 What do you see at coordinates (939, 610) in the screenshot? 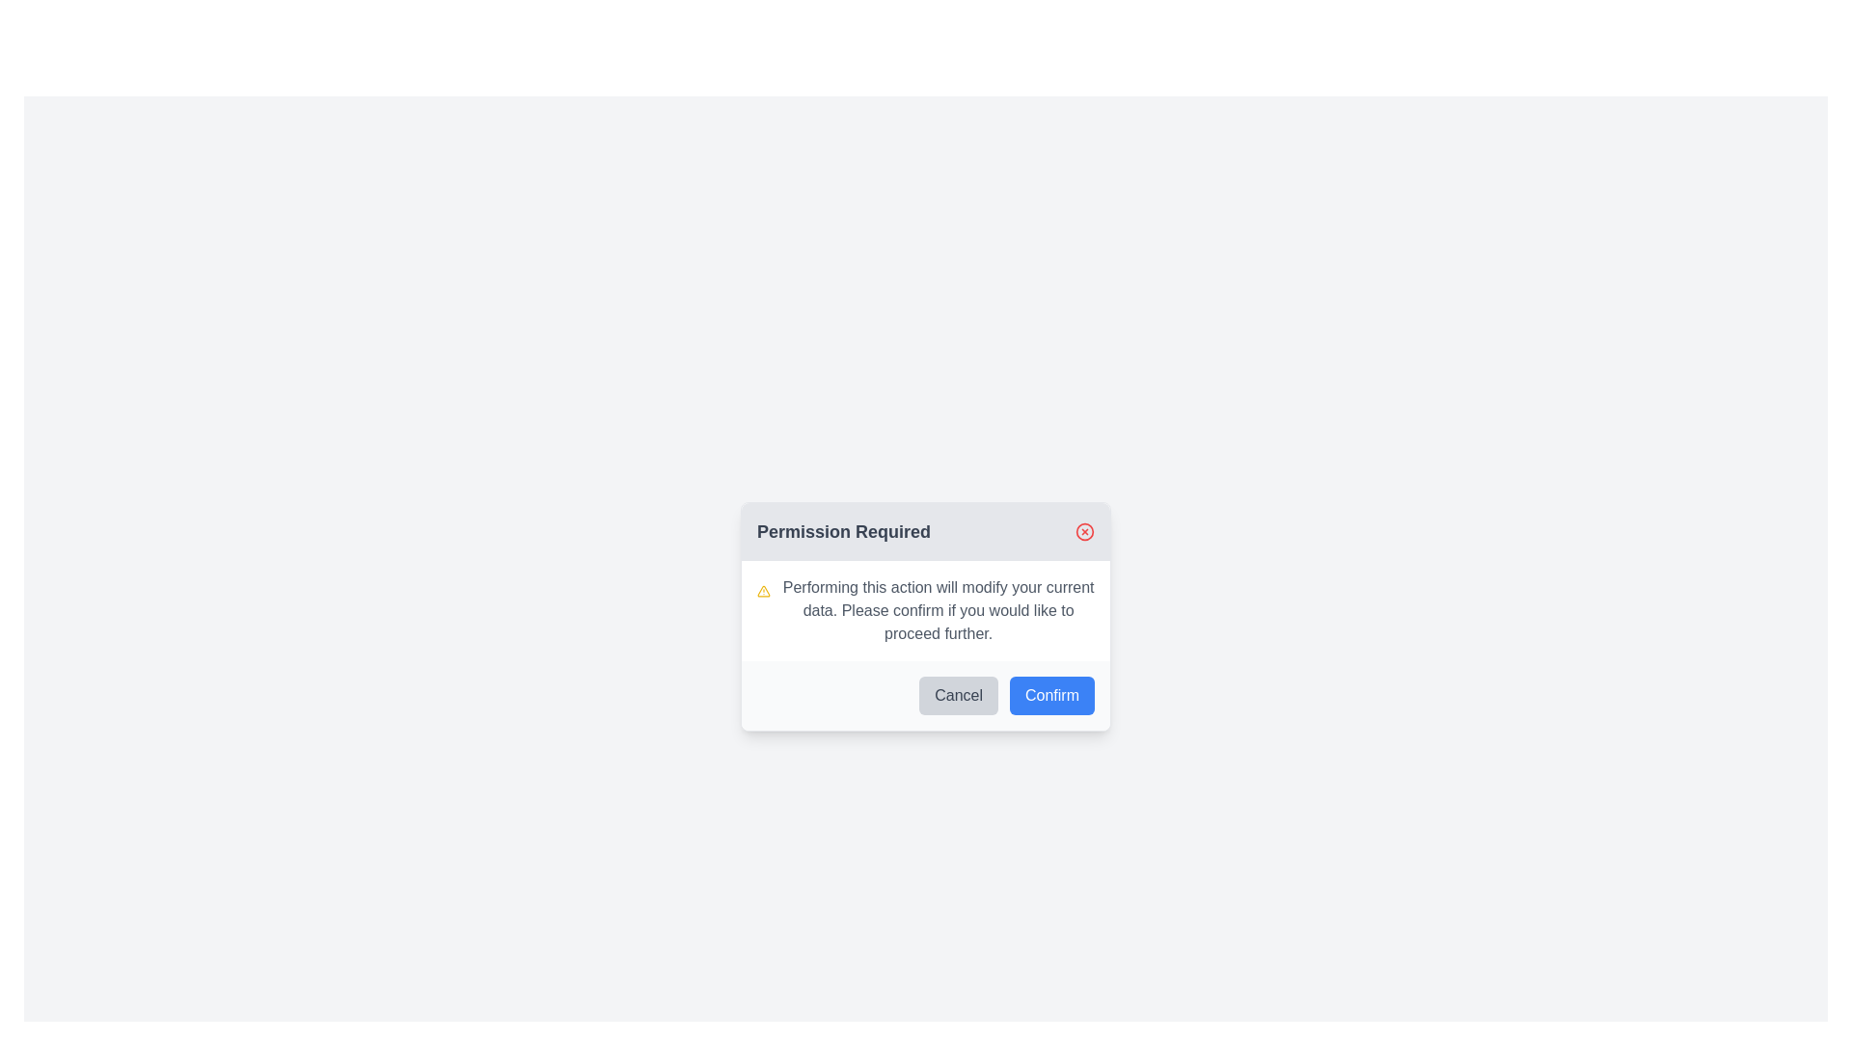
I see `informational text block located within the 'Permission Required' dialog box, positioned below the warning icon and above the Cancel and Confirm buttons` at bounding box center [939, 610].